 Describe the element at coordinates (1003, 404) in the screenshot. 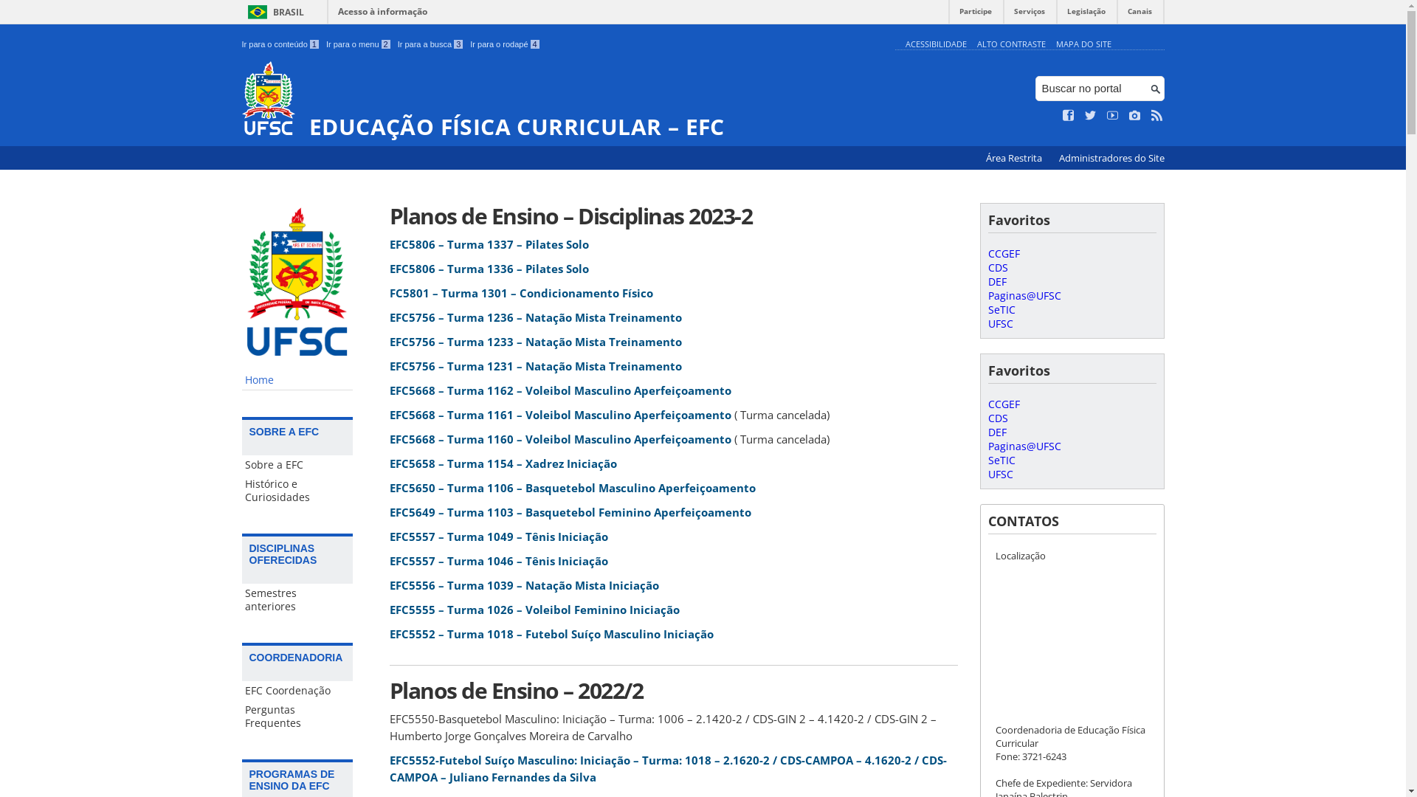

I see `'CCGEF'` at that location.